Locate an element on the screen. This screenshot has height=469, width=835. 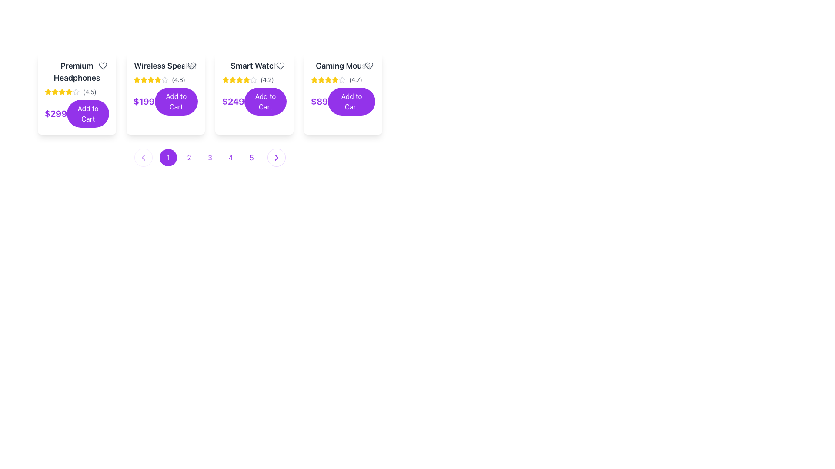
the static text label reading 'Gaming Mouse', which is styled in bold and large dark gray font, located at the top center of a product card is located at coordinates (342, 65).